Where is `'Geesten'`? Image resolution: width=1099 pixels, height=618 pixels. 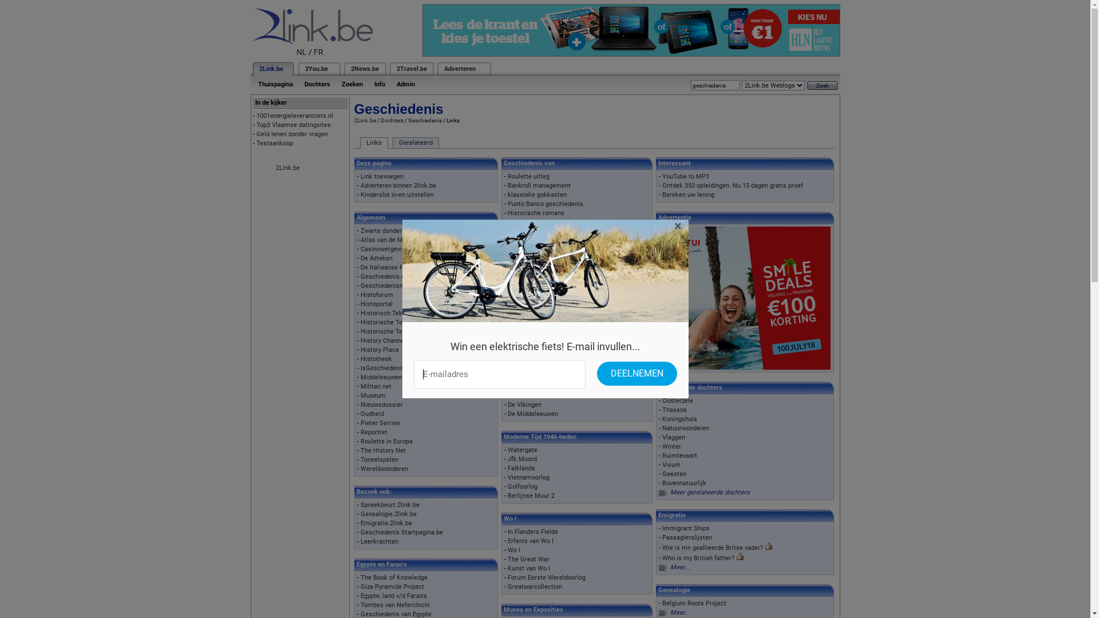 'Geesten' is located at coordinates (674, 474).